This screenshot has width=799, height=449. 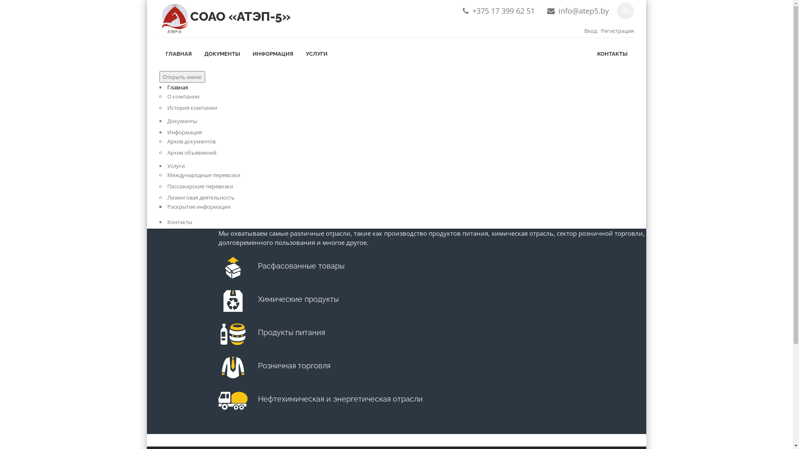 What do you see at coordinates (558, 11) in the screenshot?
I see `'info@atep5.by'` at bounding box center [558, 11].